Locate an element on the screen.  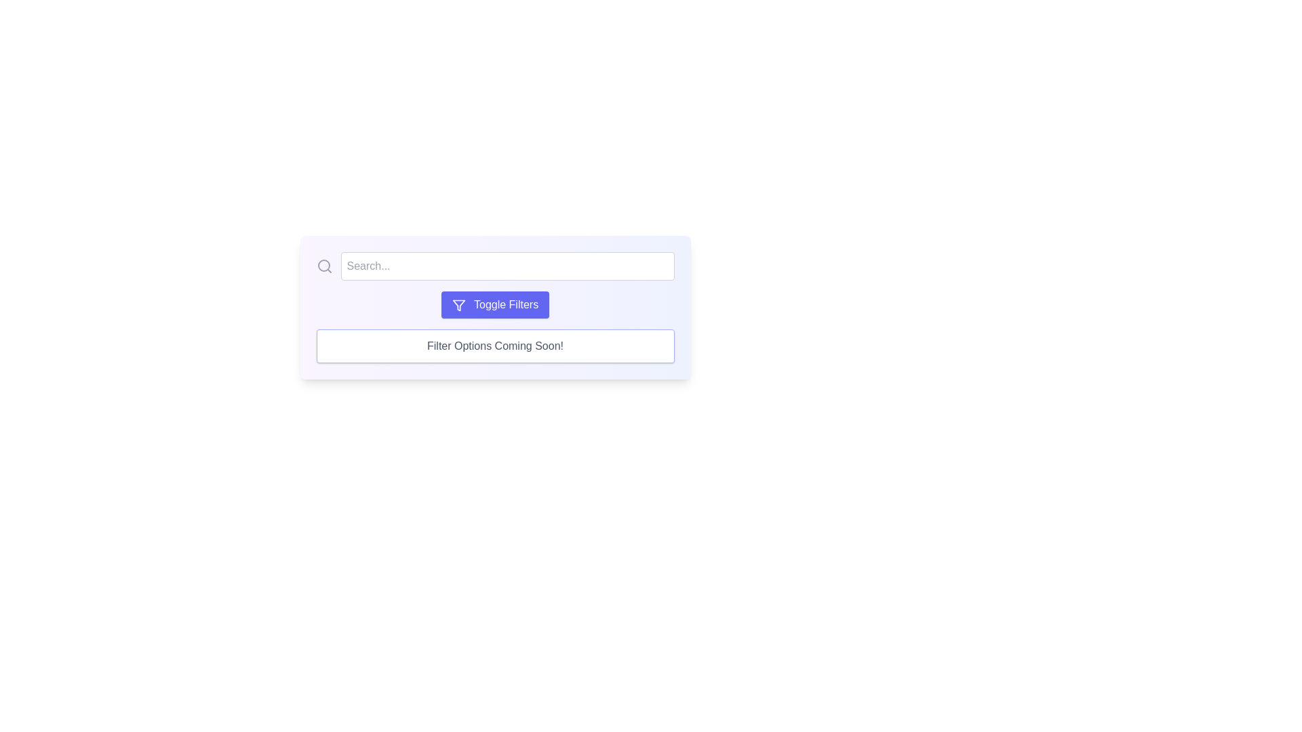
the 'Toggle Filters' button with a blue background and white text is located at coordinates (494, 305).